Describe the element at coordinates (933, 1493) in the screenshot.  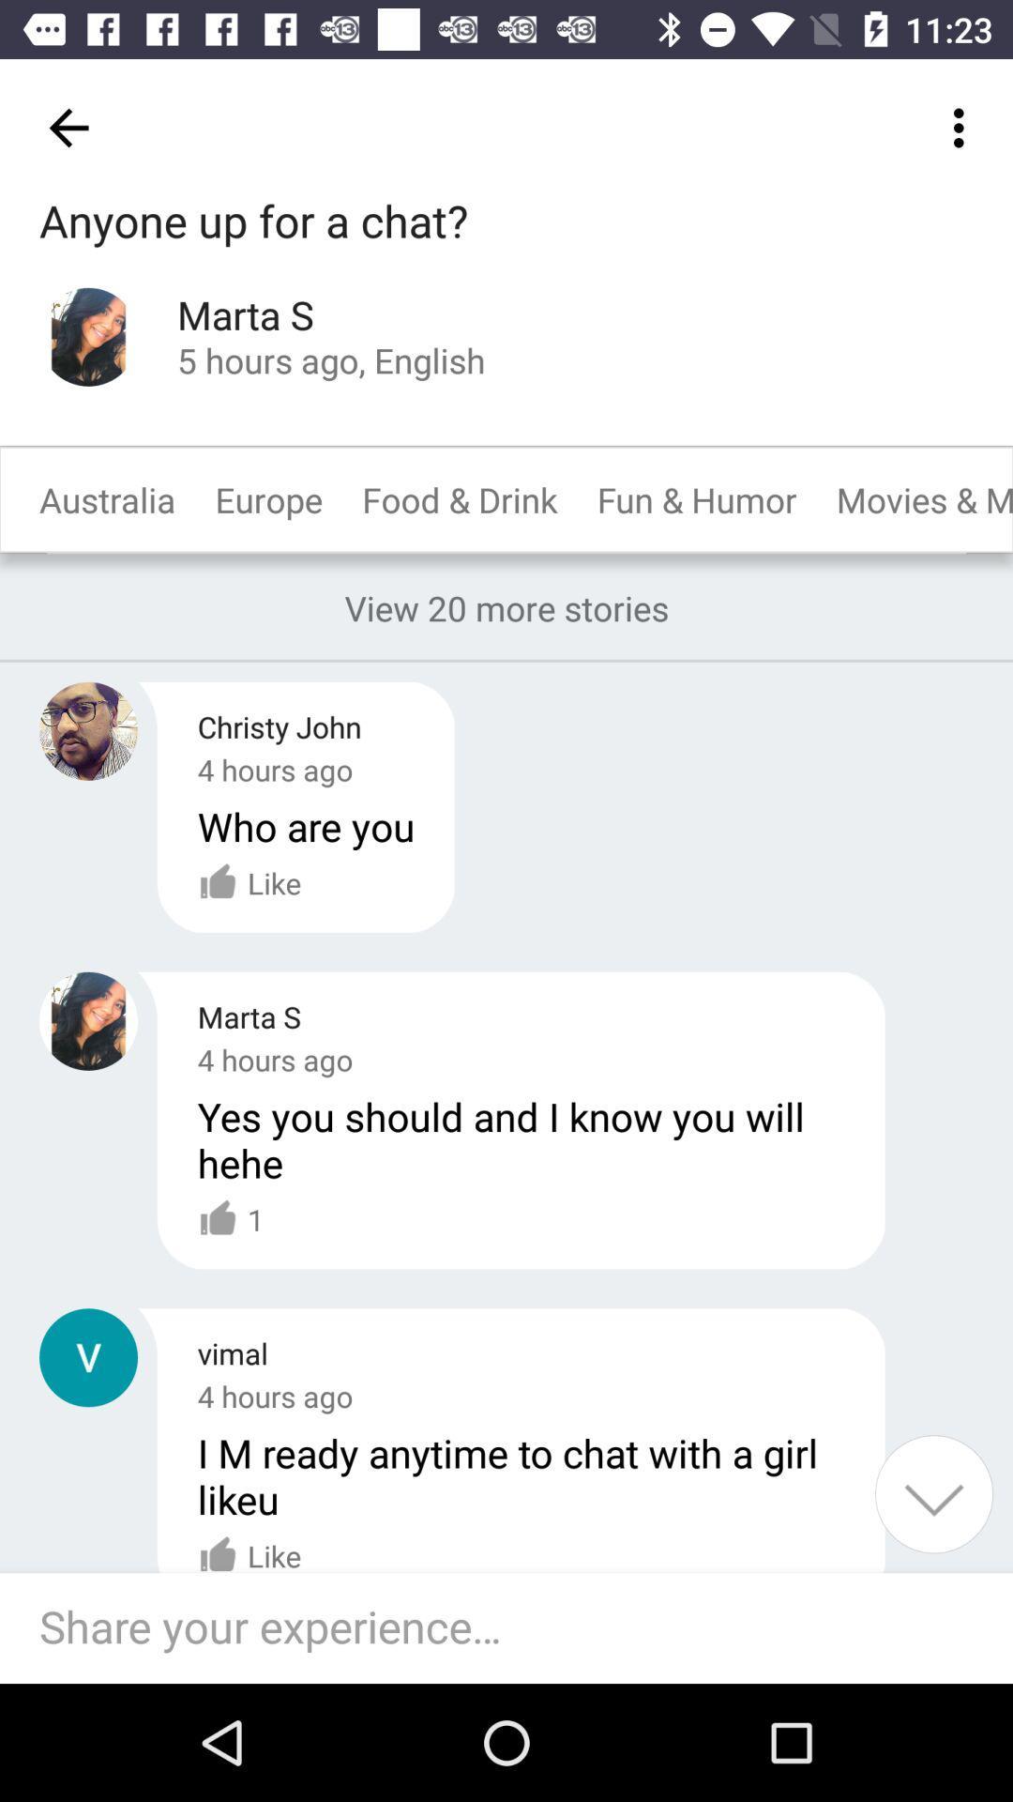
I see `the expand_more icon` at that location.